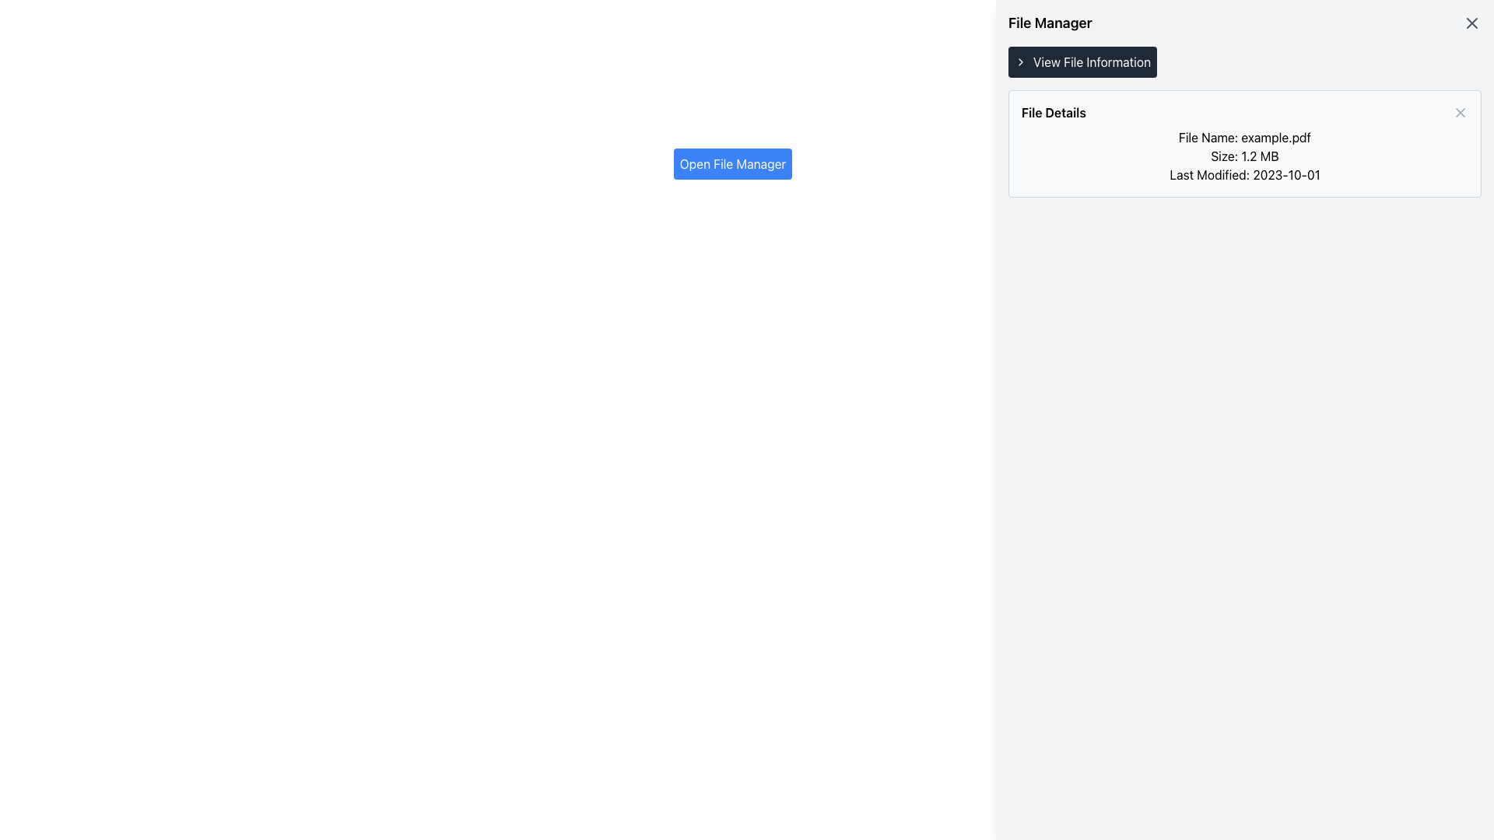 The width and height of the screenshot is (1494, 840). Describe the element at coordinates (731, 164) in the screenshot. I see `the medium-sized button with a blue background and white text reading 'Open File Manager'` at that location.